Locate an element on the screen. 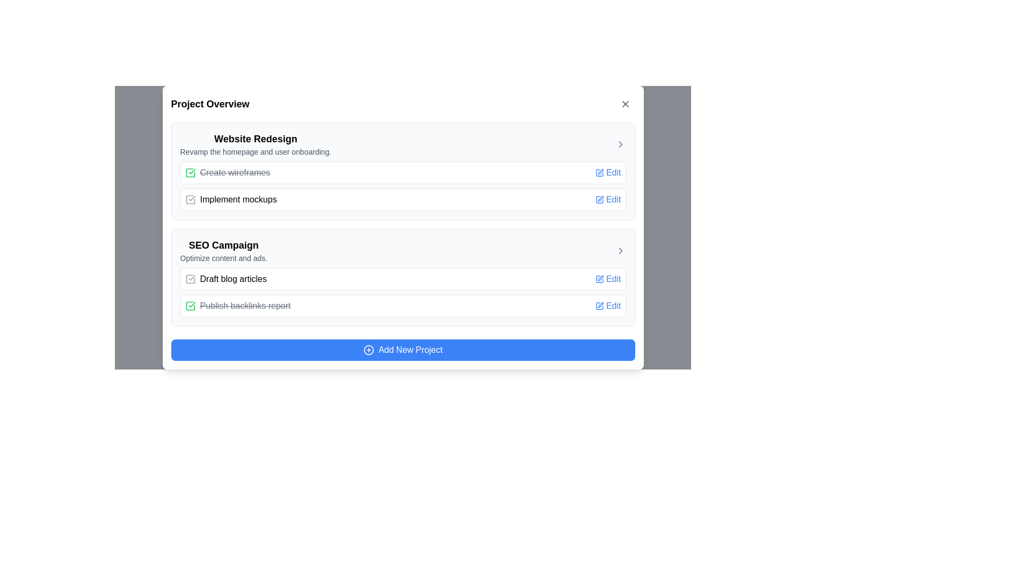 This screenshot has height=580, width=1031. the text label reading 'Draft blog articles' located in the 'SEO Campaign' section is located at coordinates (225, 279).